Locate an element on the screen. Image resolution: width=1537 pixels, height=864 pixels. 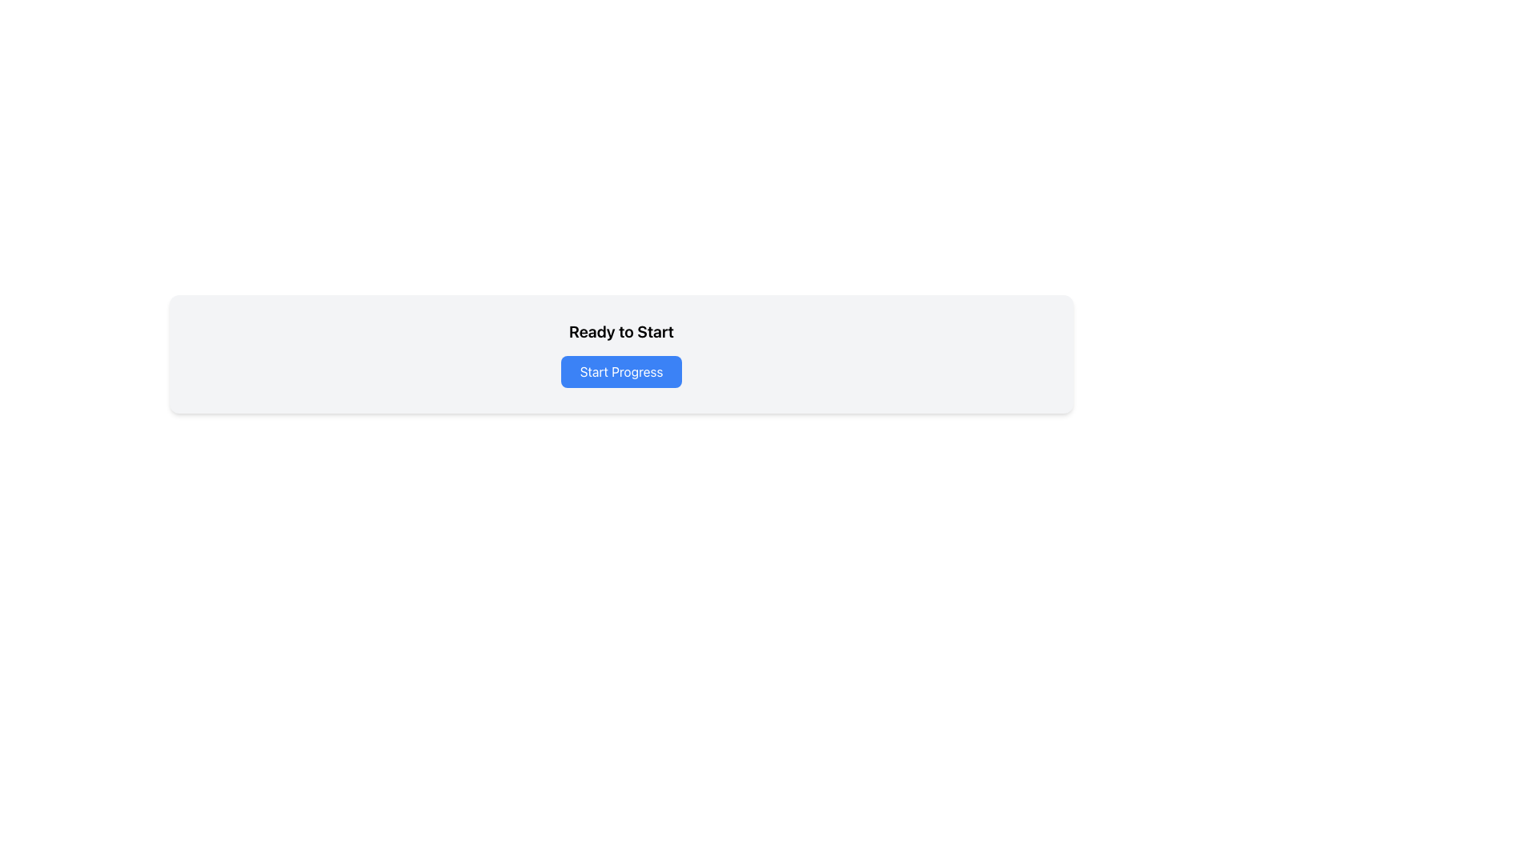
the Text label that serves as a title or header, positioned above the blue button labeled 'Start Progress' is located at coordinates (620, 331).